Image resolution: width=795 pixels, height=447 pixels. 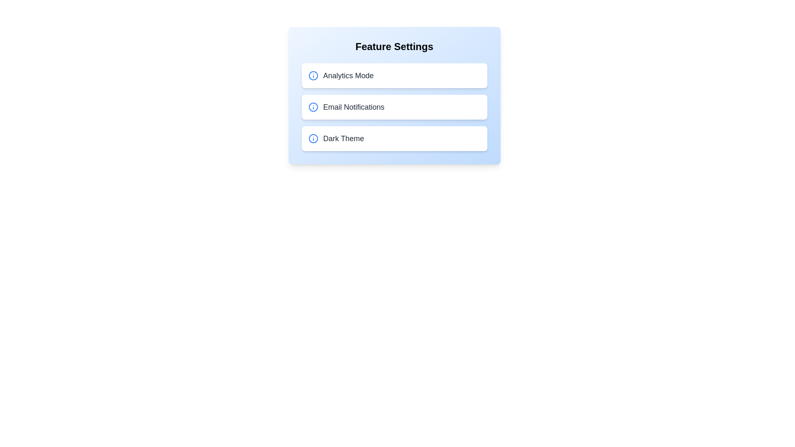 What do you see at coordinates (313, 75) in the screenshot?
I see `the info icon for Analytics Mode to view additional details` at bounding box center [313, 75].